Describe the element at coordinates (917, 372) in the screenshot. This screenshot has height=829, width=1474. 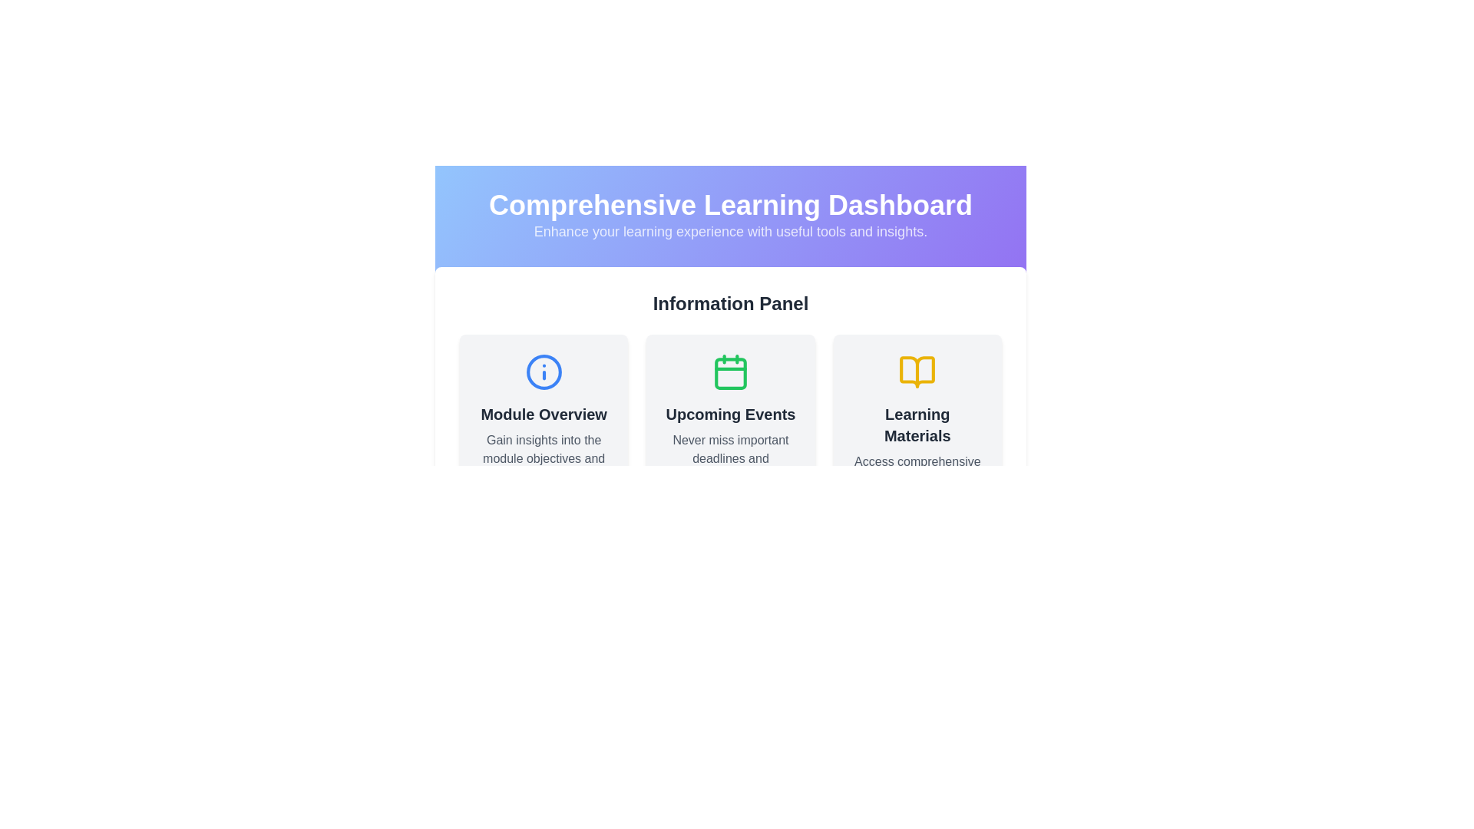
I see `the rightmost icon under the 'Information Panel' heading` at that location.